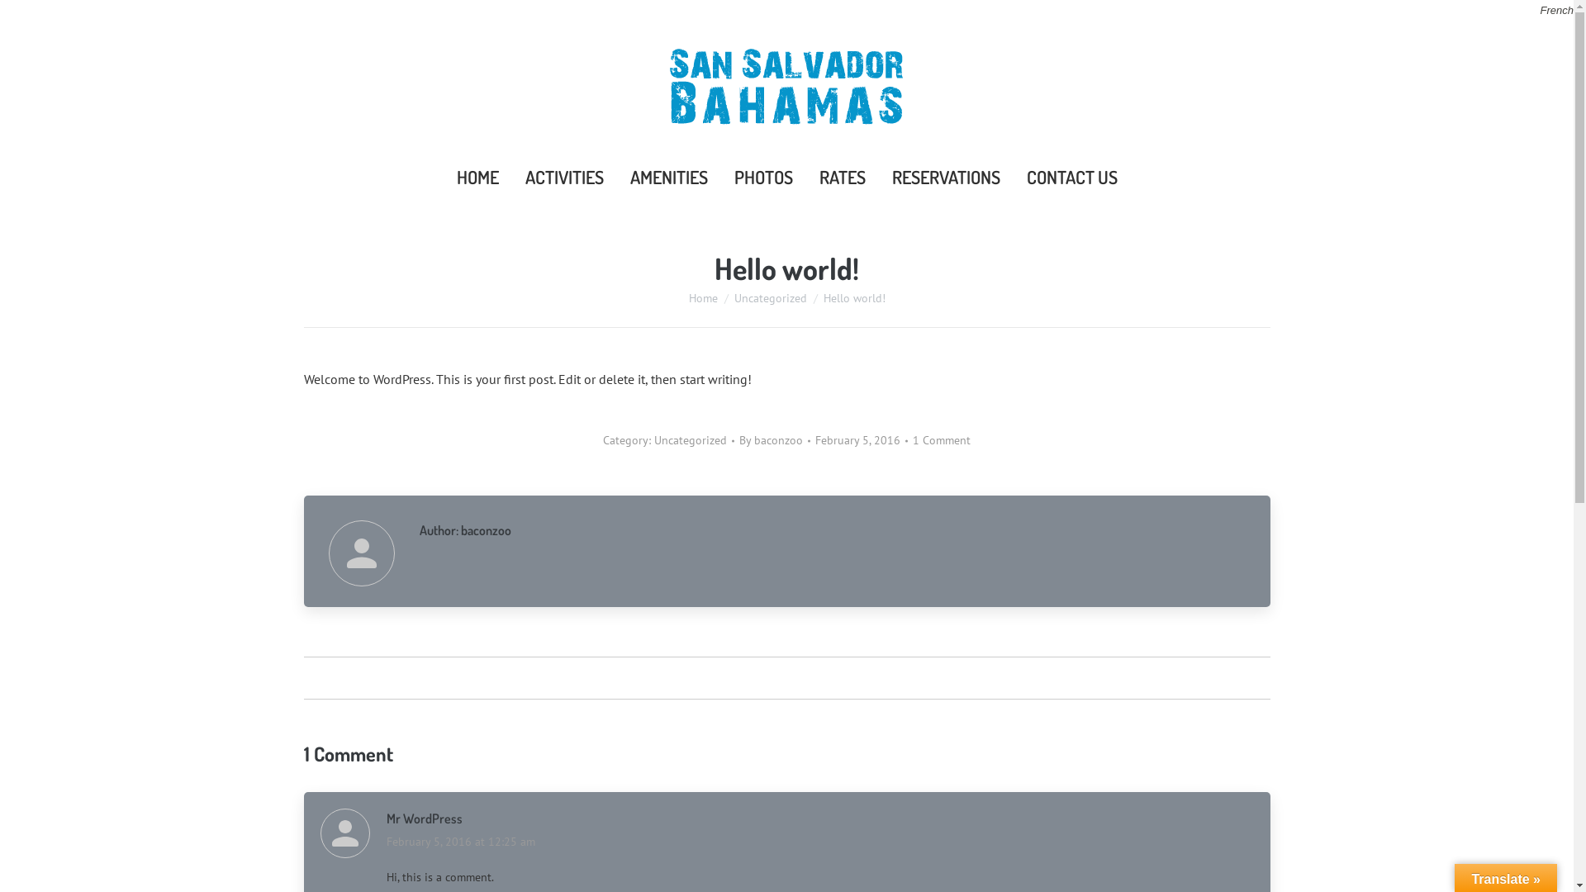 This screenshot has height=892, width=1586. What do you see at coordinates (1018, 176) in the screenshot?
I see `'CONTACT US'` at bounding box center [1018, 176].